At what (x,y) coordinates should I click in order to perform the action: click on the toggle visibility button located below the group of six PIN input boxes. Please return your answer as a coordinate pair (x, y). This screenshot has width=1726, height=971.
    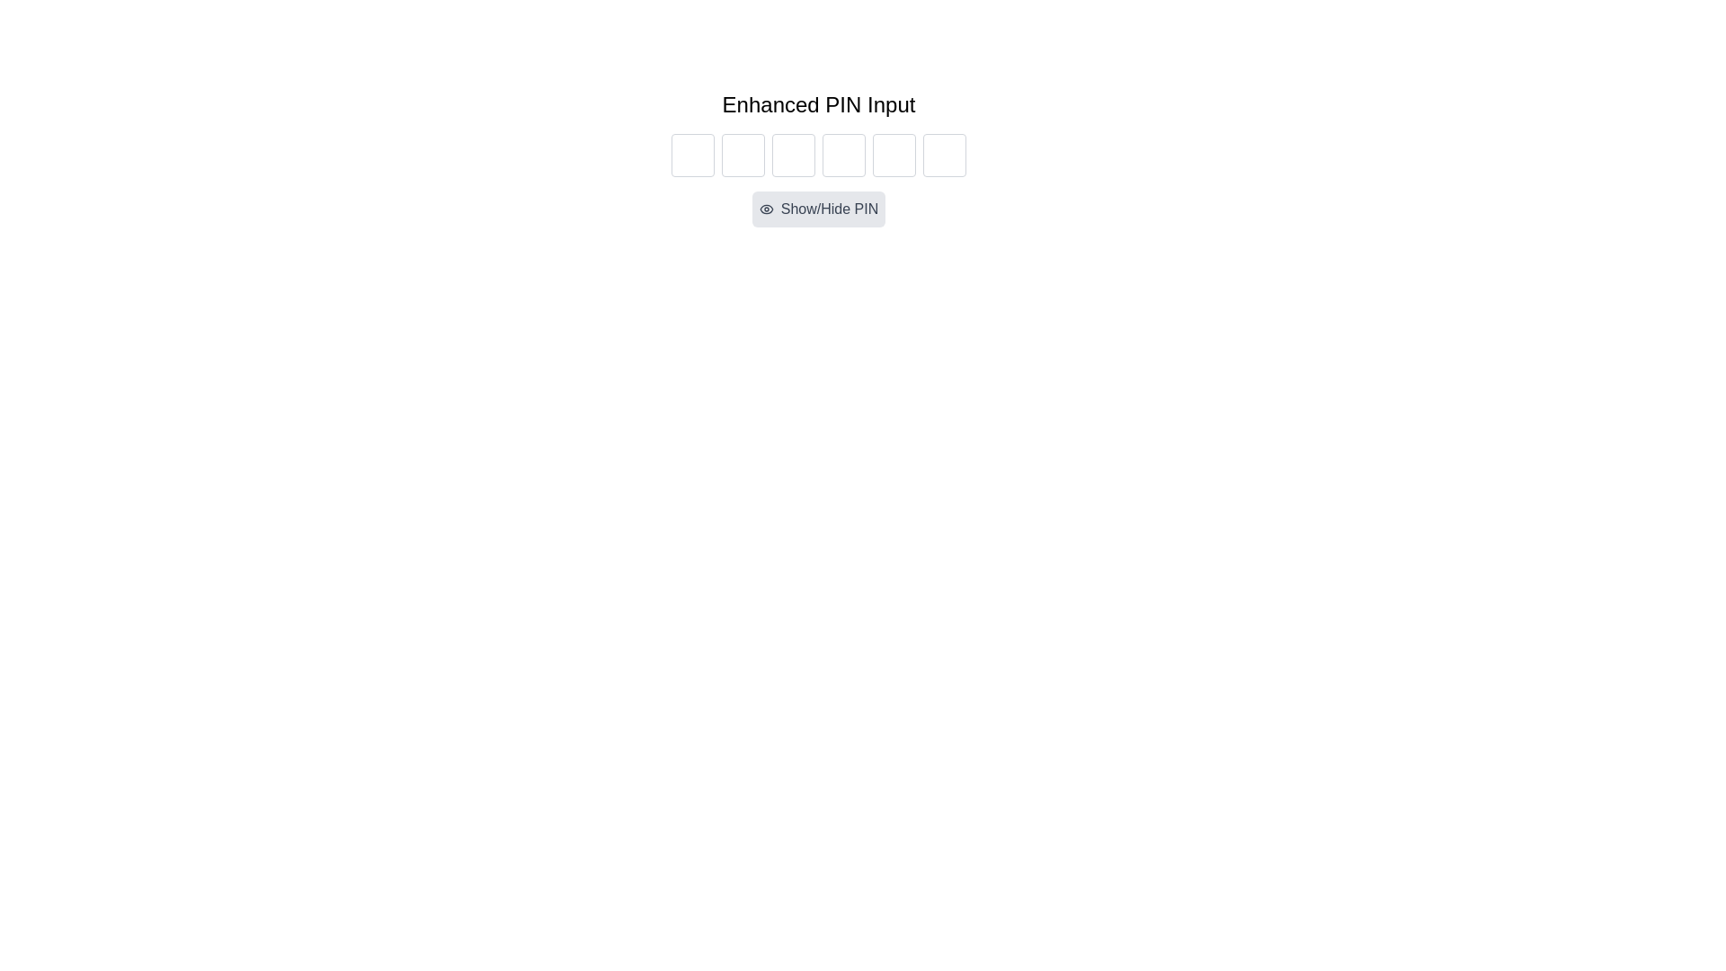
    Looking at the image, I should click on (818, 208).